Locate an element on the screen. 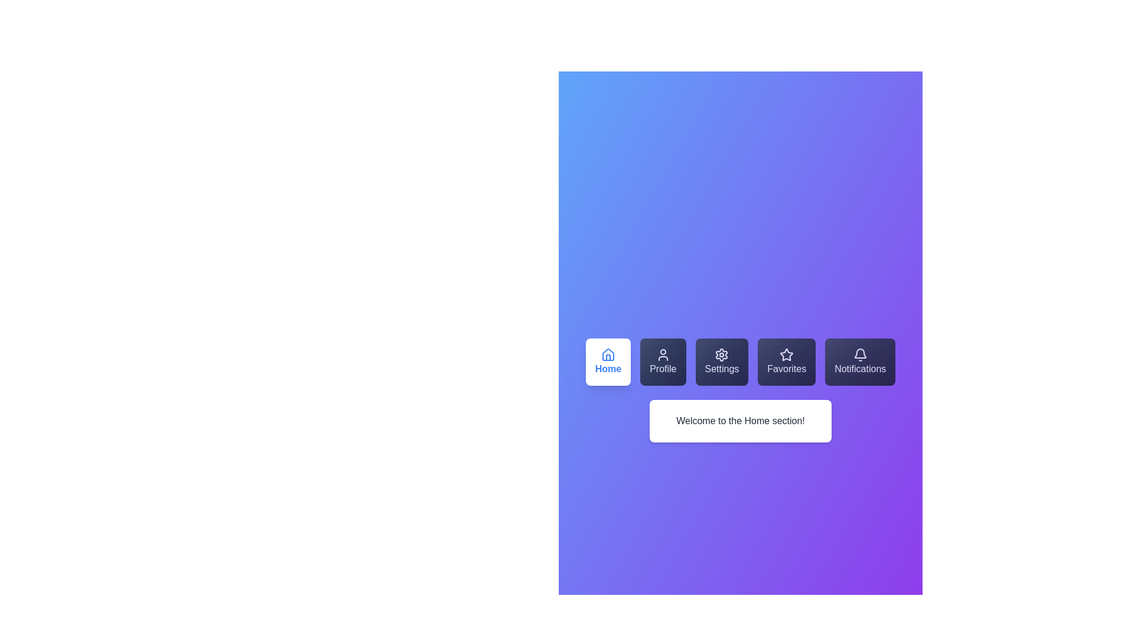 The image size is (1134, 638). the Notifications button, which is a rectangular button with a gradient background and a white bell icon, located on the far right of a row of buttons is located at coordinates (860, 362).